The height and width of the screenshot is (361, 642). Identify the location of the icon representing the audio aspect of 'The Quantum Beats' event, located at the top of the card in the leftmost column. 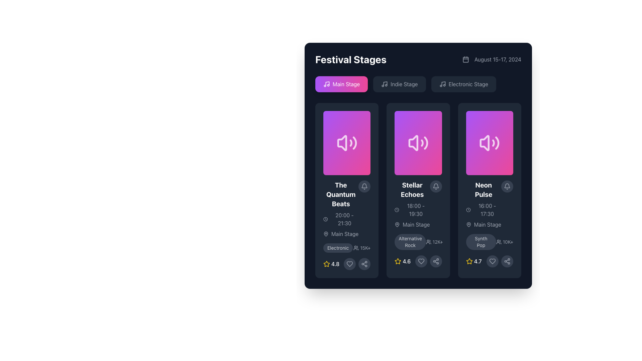
(347, 143).